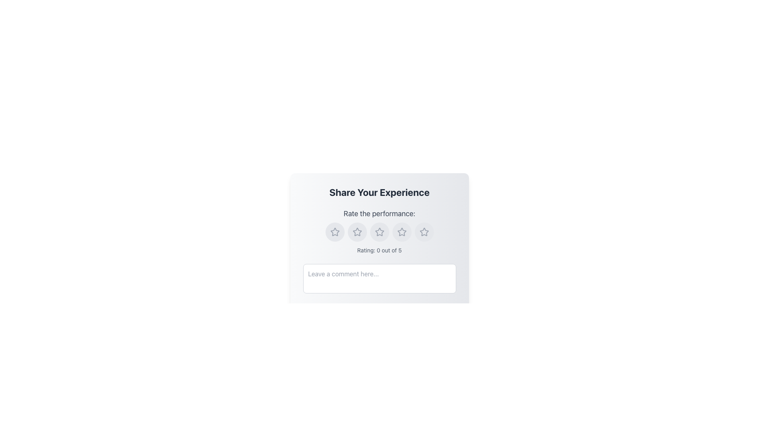  What do you see at coordinates (379, 254) in the screenshot?
I see `the star icons in the rating system of the feedback form to rate performance` at bounding box center [379, 254].